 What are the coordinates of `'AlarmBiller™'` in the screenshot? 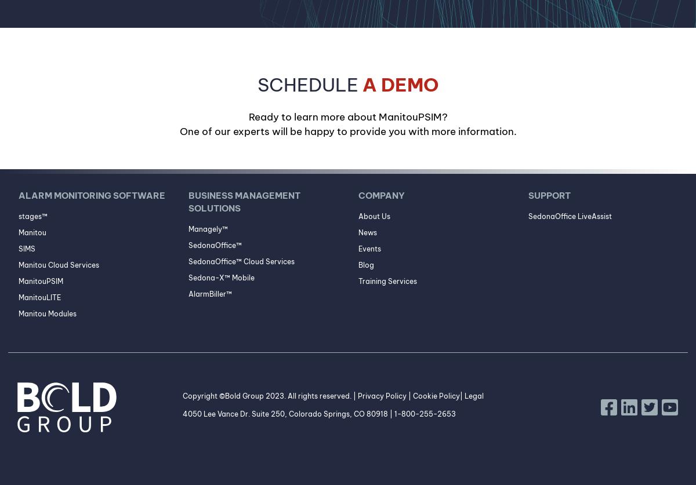 It's located at (209, 293).